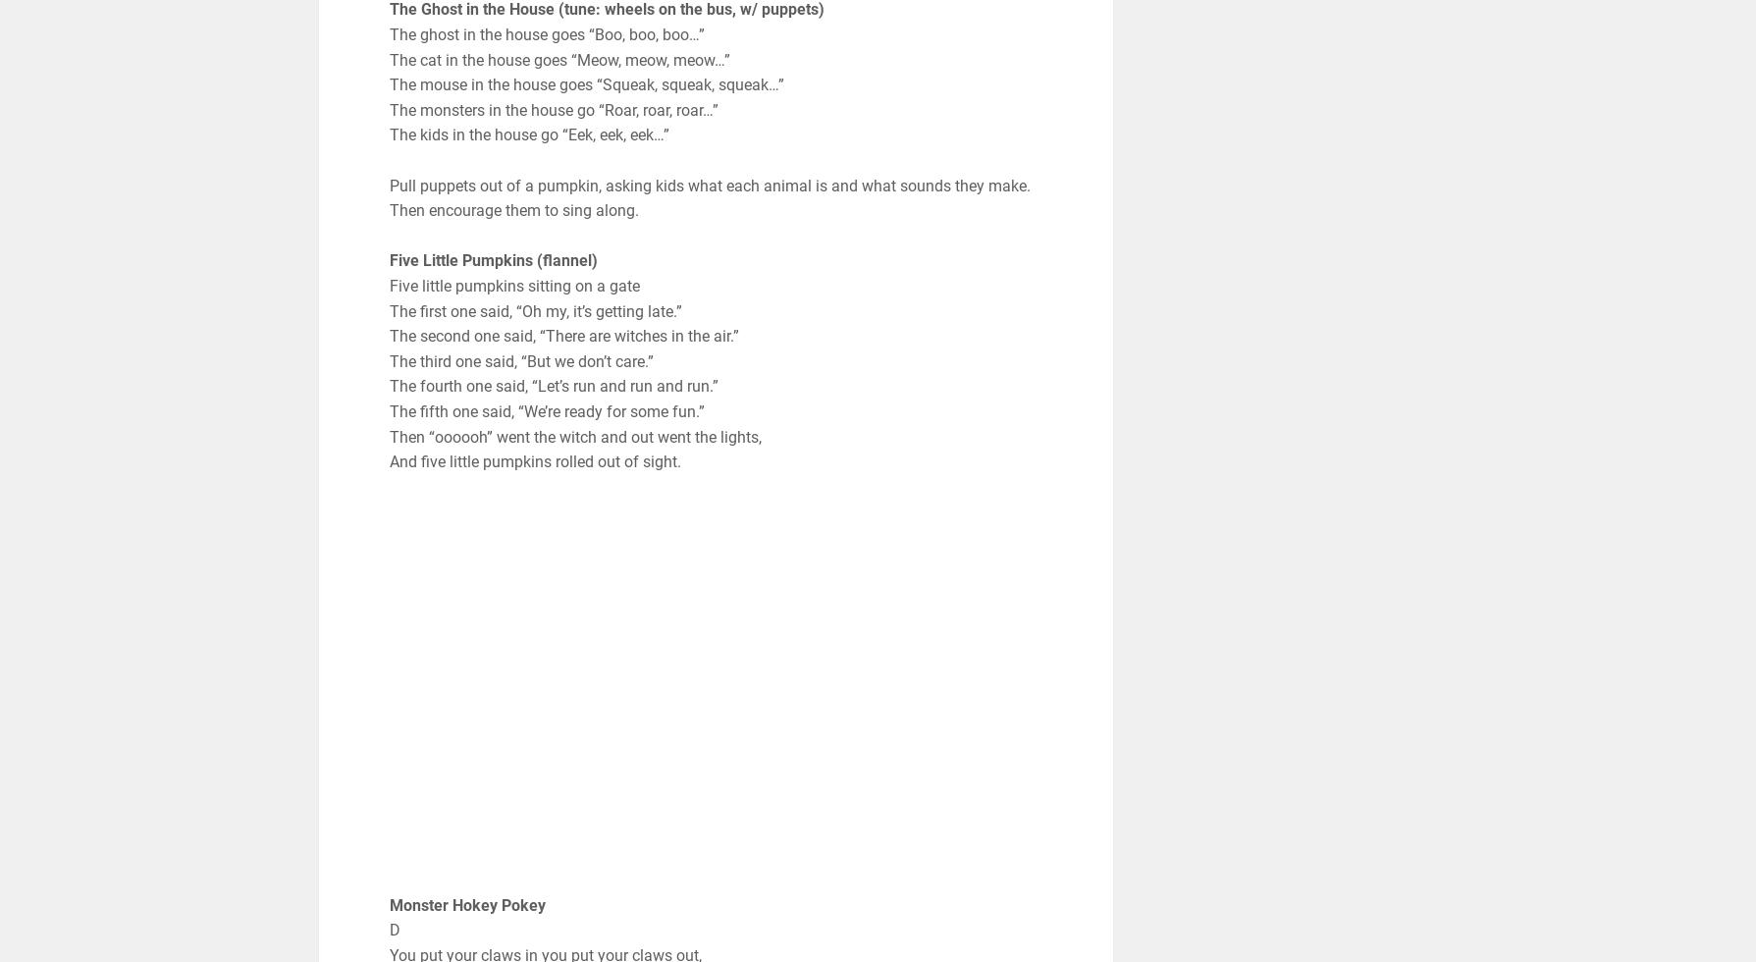 This screenshot has width=1756, height=962. Describe the element at coordinates (465, 904) in the screenshot. I see `'Monster Hokey Pokey'` at that location.